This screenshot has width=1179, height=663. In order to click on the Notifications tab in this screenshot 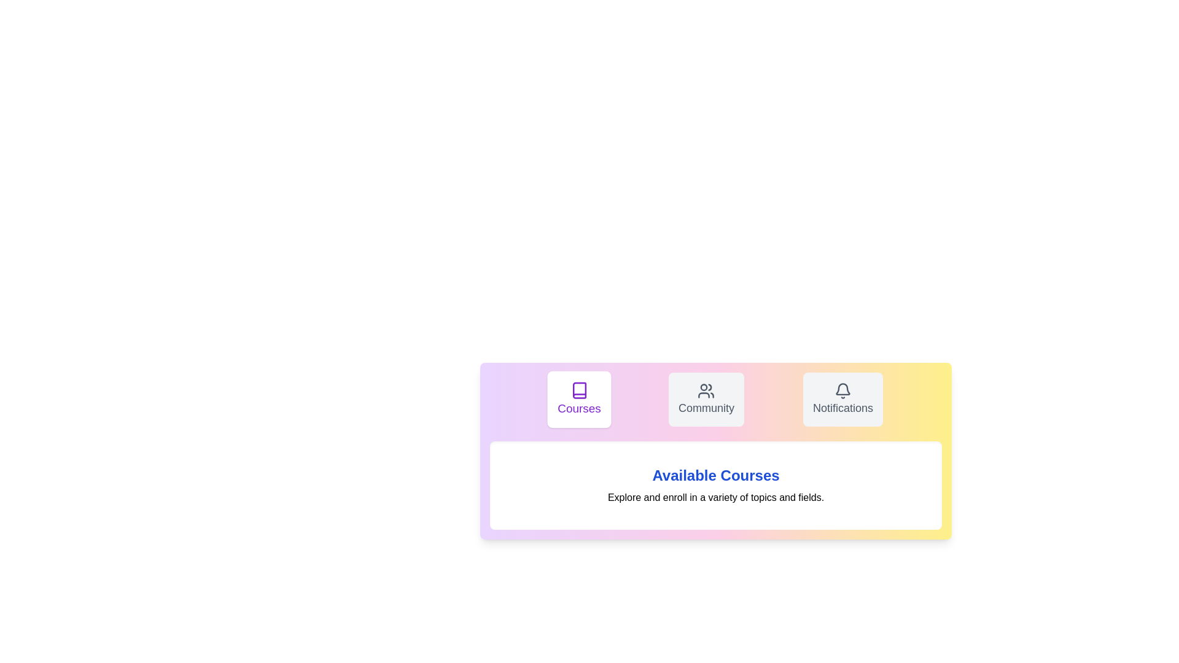, I will do `click(842, 400)`.